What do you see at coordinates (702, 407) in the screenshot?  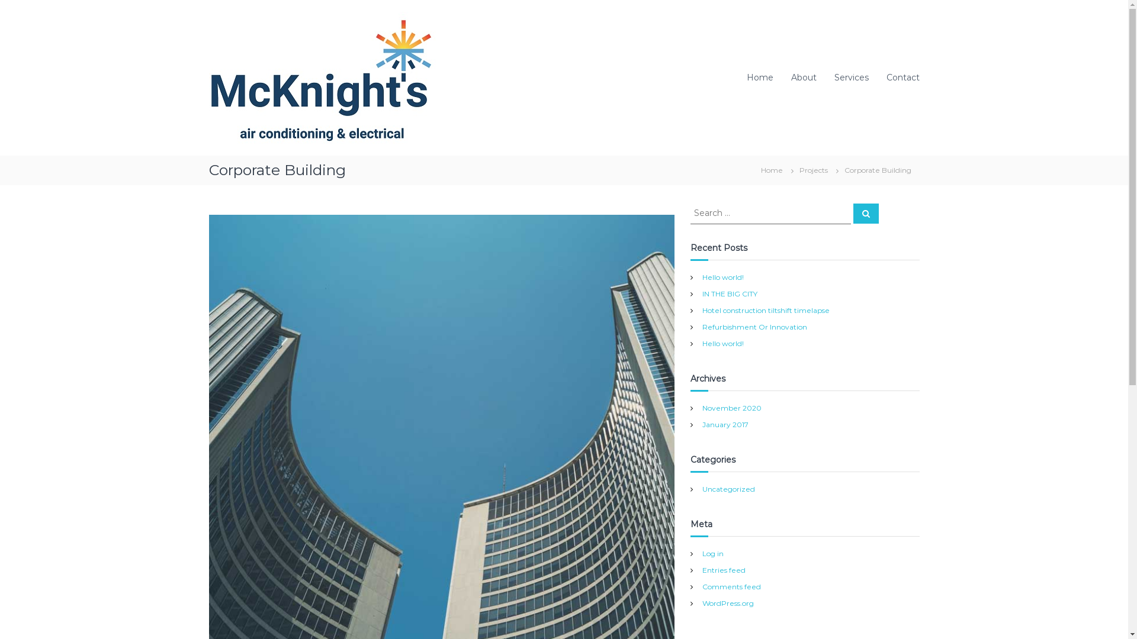 I see `'November 2020'` at bounding box center [702, 407].